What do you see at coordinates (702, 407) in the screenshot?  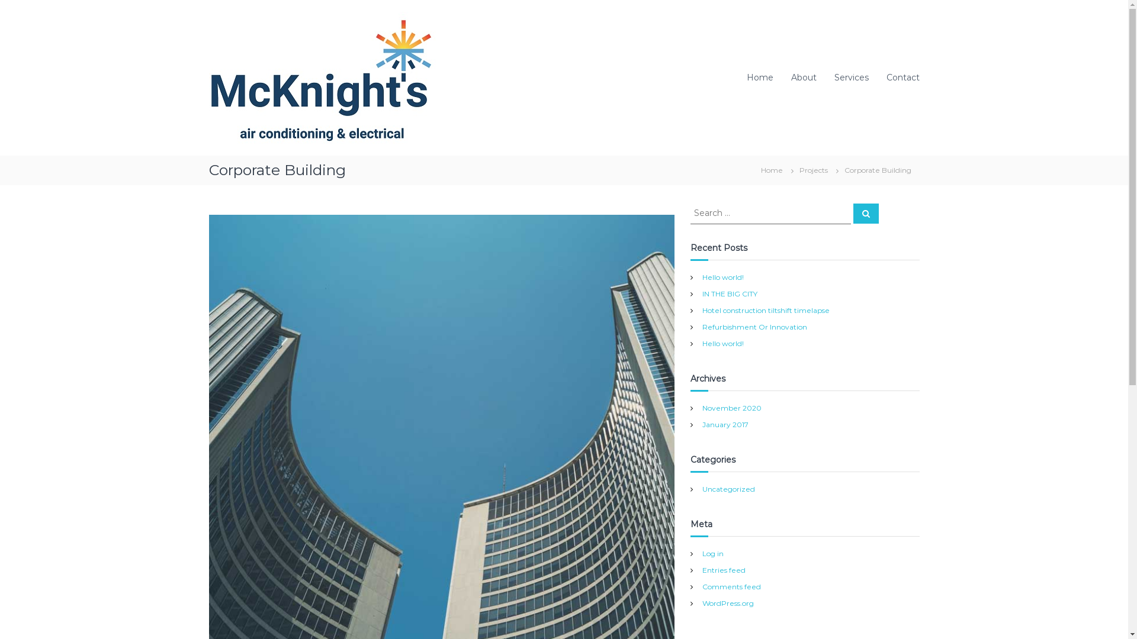 I see `'November 2020'` at bounding box center [702, 407].